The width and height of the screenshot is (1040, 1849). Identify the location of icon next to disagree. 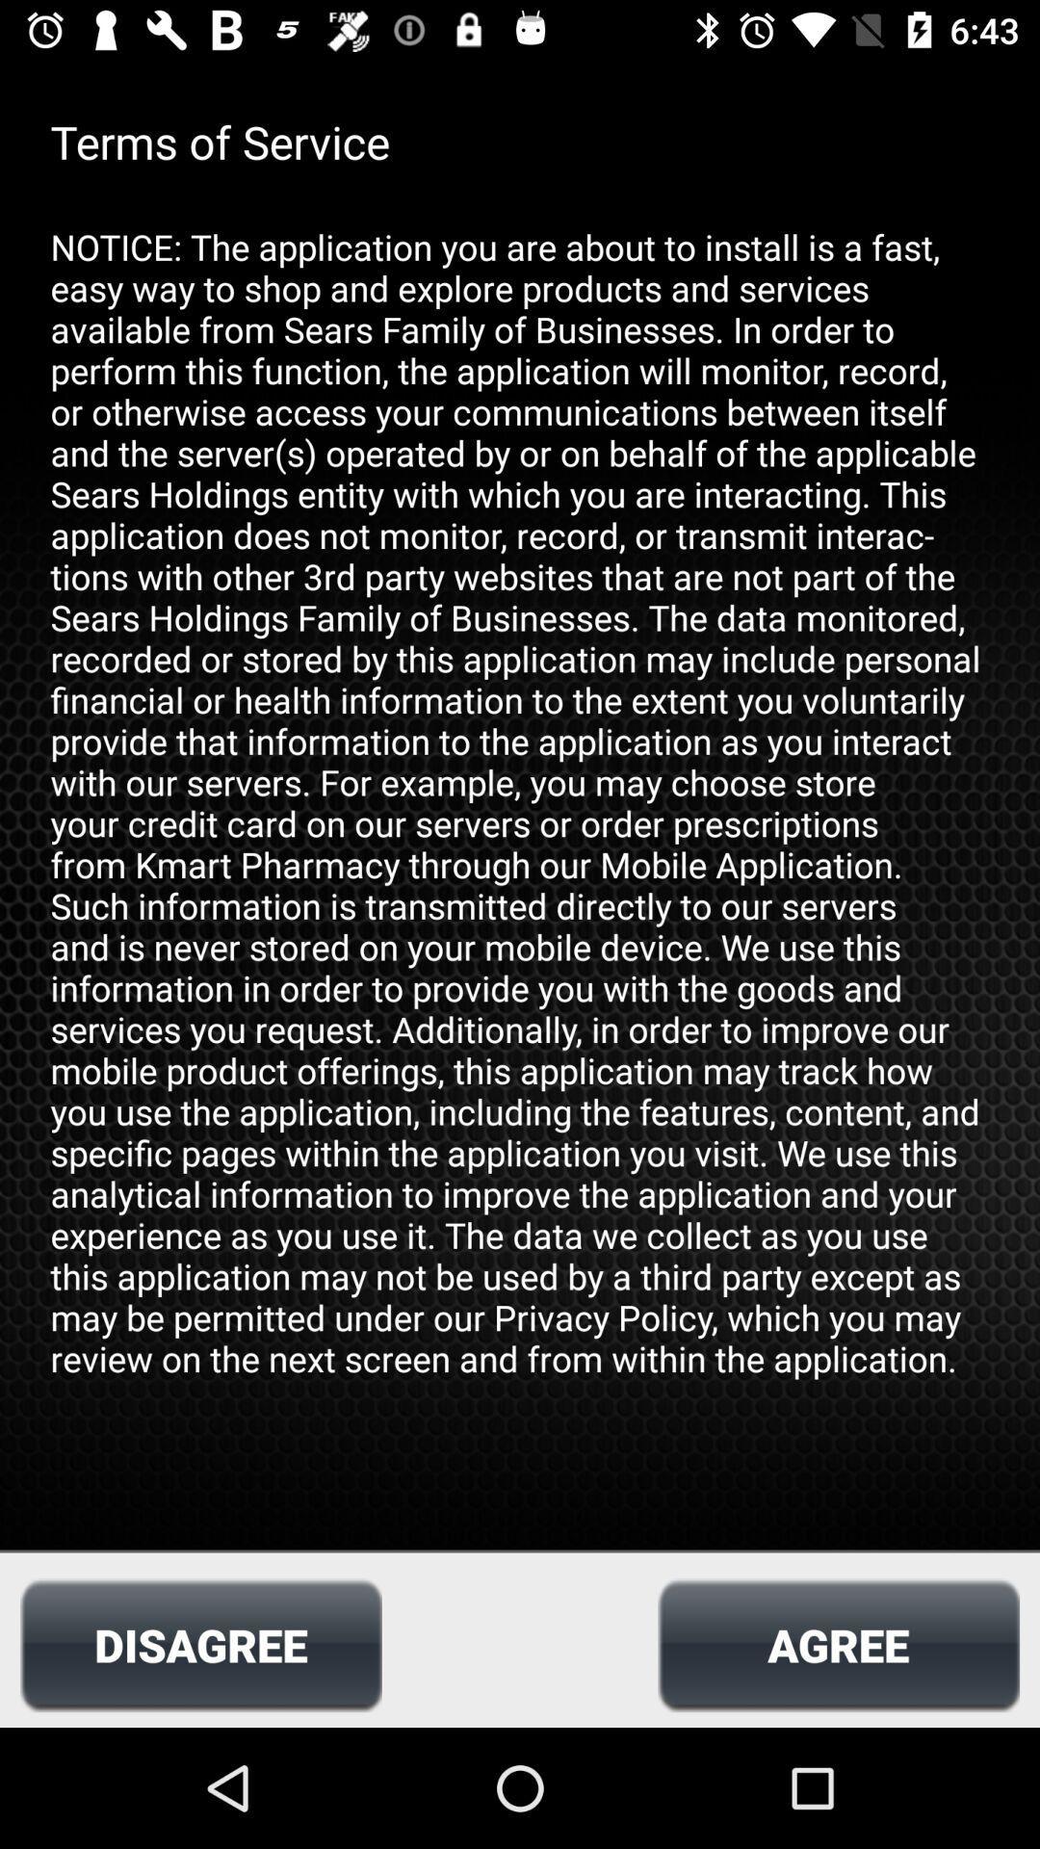
(838, 1644).